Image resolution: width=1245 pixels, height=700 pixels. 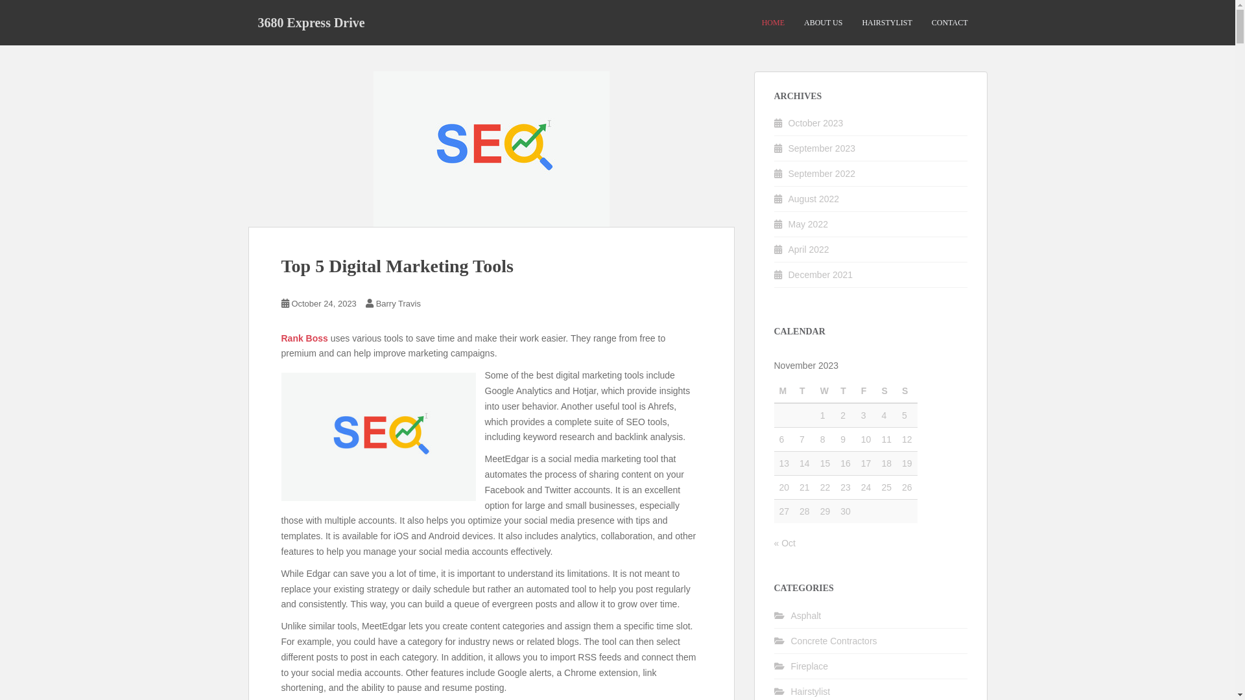 What do you see at coordinates (820, 274) in the screenshot?
I see `'December 2021'` at bounding box center [820, 274].